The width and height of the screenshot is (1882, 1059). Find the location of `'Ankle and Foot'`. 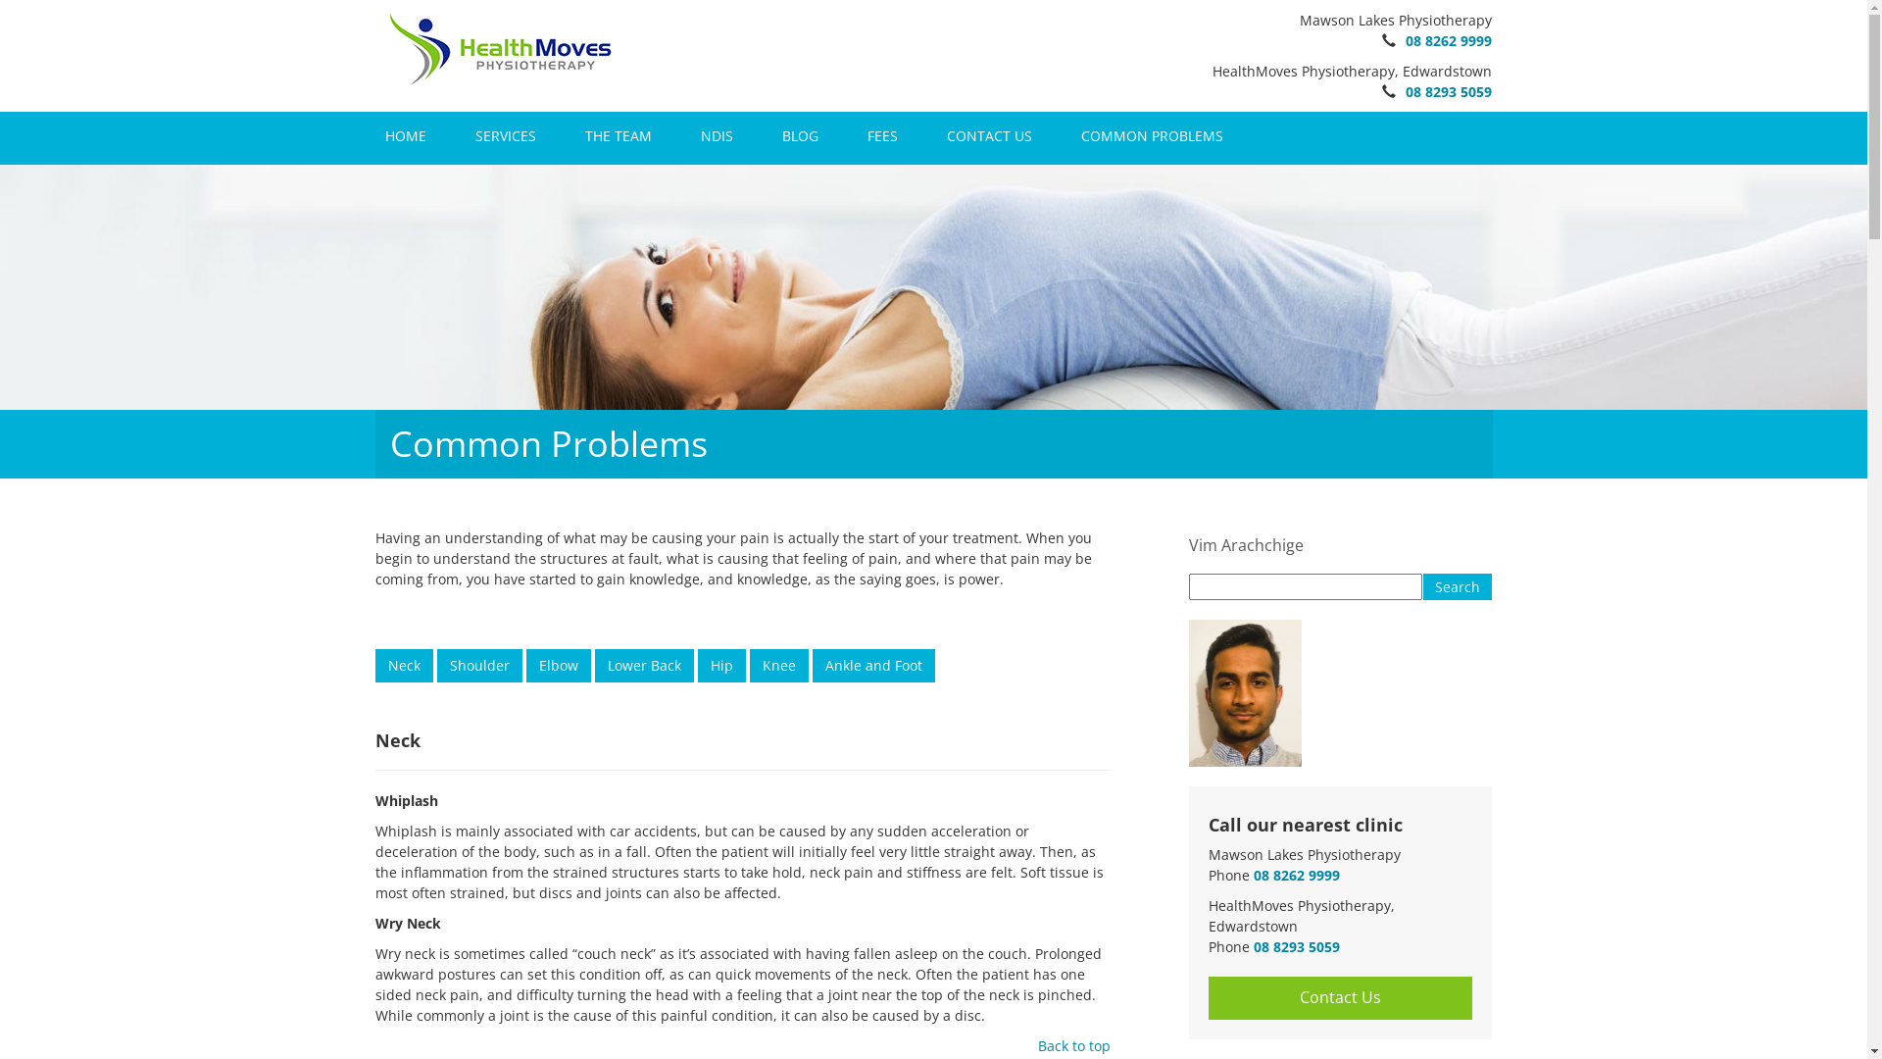

'Ankle and Foot' is located at coordinates (871, 664).